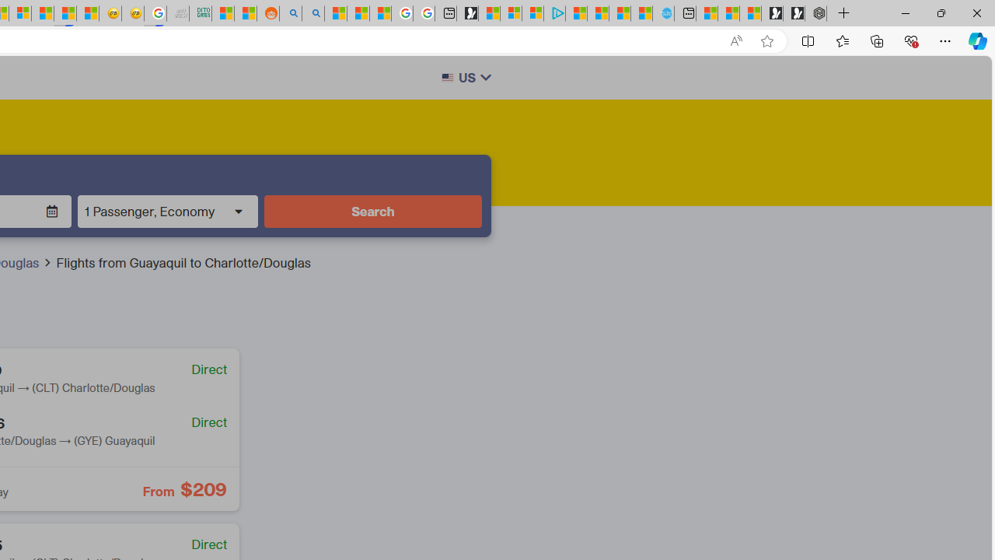 The height and width of the screenshot is (560, 995). Describe the element at coordinates (446, 78) in the screenshot. I see `'Class: w-full h-auto rounded-sm border border-gray-200'` at that location.